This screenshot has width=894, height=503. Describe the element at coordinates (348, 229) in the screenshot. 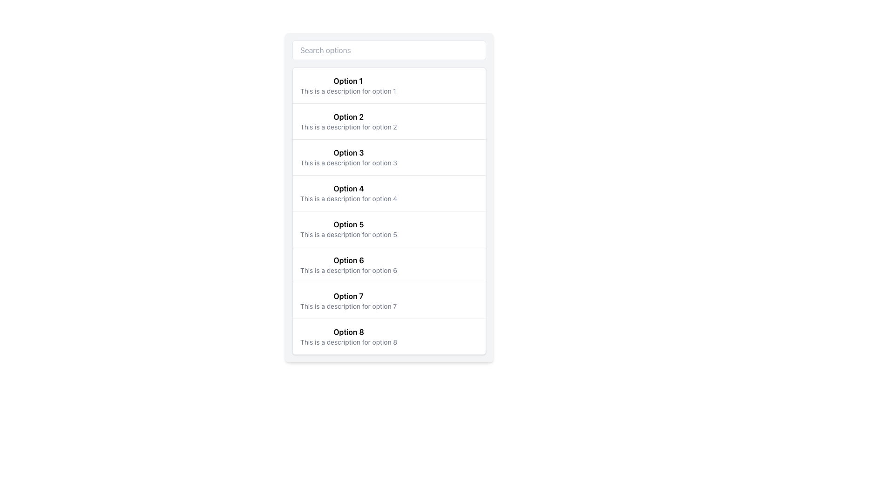

I see `the list item entry displaying the title and description for 'Option 5'` at that location.